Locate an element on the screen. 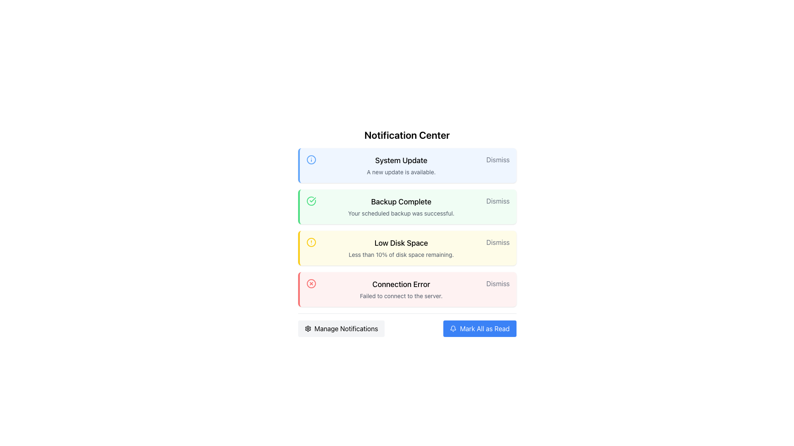 The image size is (794, 446). the dismiss button styled as a hyperlink in the top-right section of the 'Low Disk Space' notification card to change its color is located at coordinates (497, 242).